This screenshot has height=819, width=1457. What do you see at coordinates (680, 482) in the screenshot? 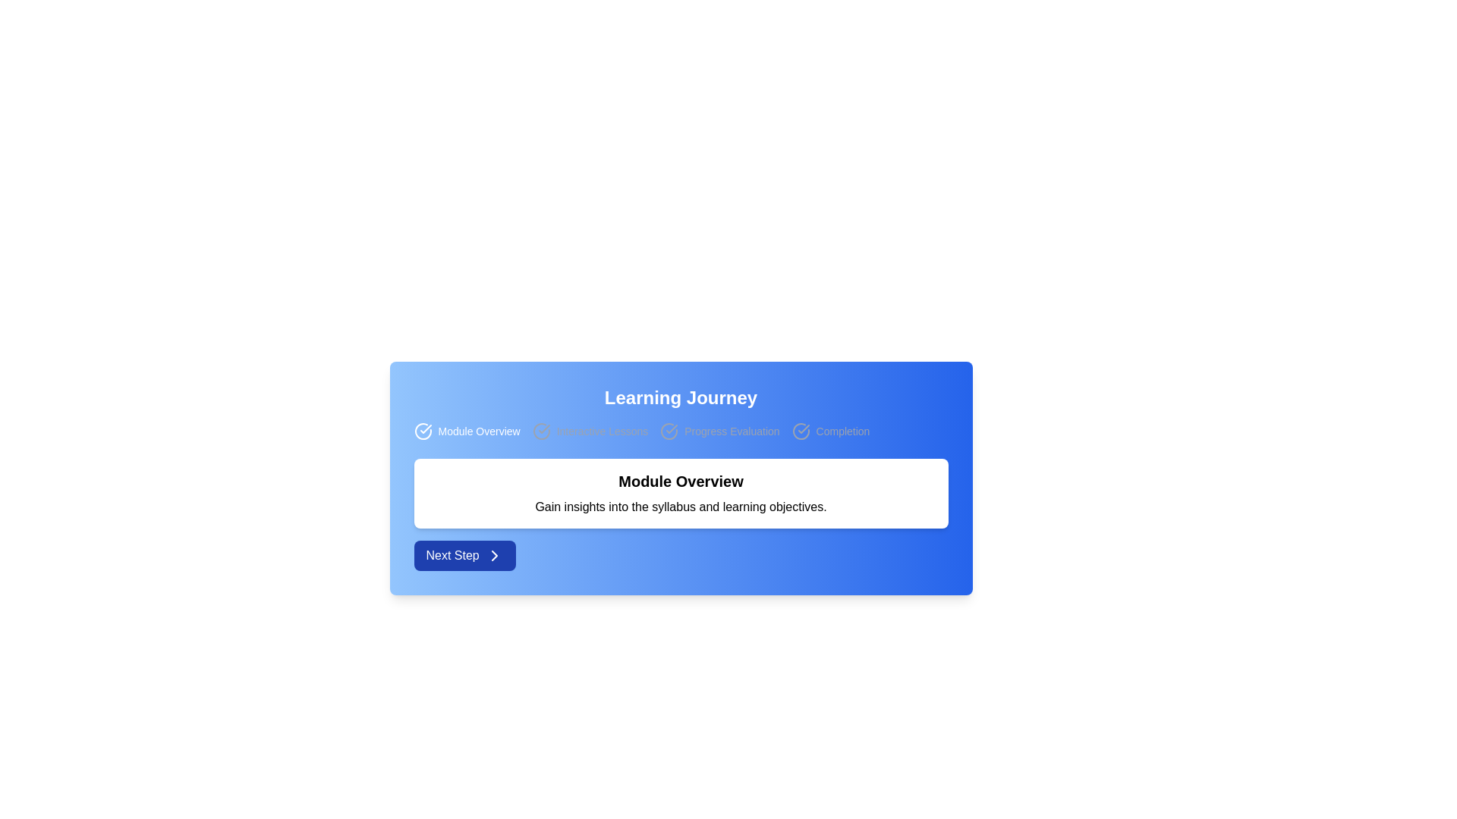
I see `bold, large-sized text label that says 'Module Overview' in the upper section of the white rectangular card` at bounding box center [680, 482].